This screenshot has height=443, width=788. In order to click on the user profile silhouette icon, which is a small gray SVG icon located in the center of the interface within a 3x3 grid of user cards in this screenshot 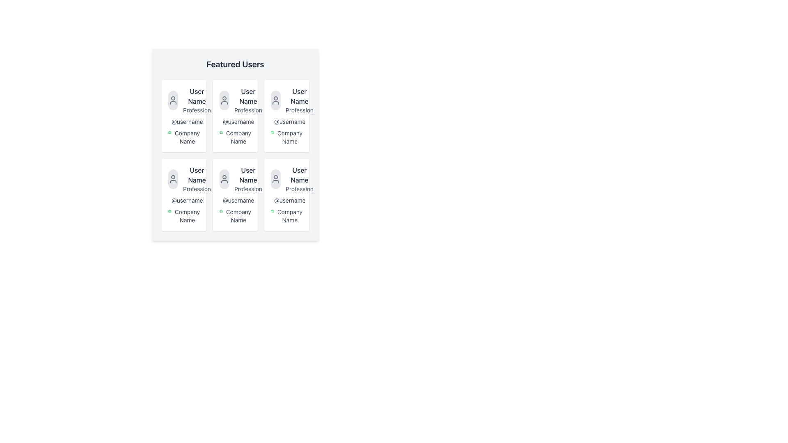, I will do `click(224, 178)`.